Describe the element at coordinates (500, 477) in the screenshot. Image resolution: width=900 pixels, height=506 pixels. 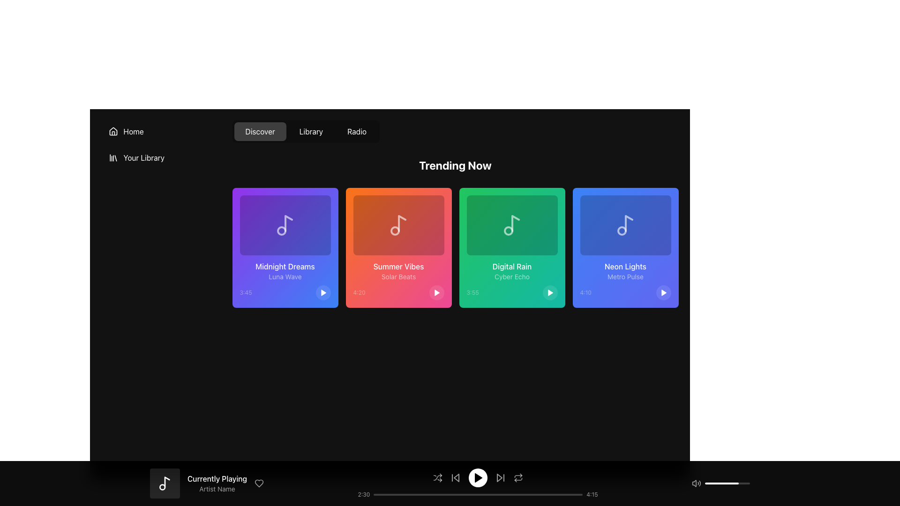
I see `the forward button, which is the fourth control button from the left in the bottom control bar, to skip to the next track or section` at that location.